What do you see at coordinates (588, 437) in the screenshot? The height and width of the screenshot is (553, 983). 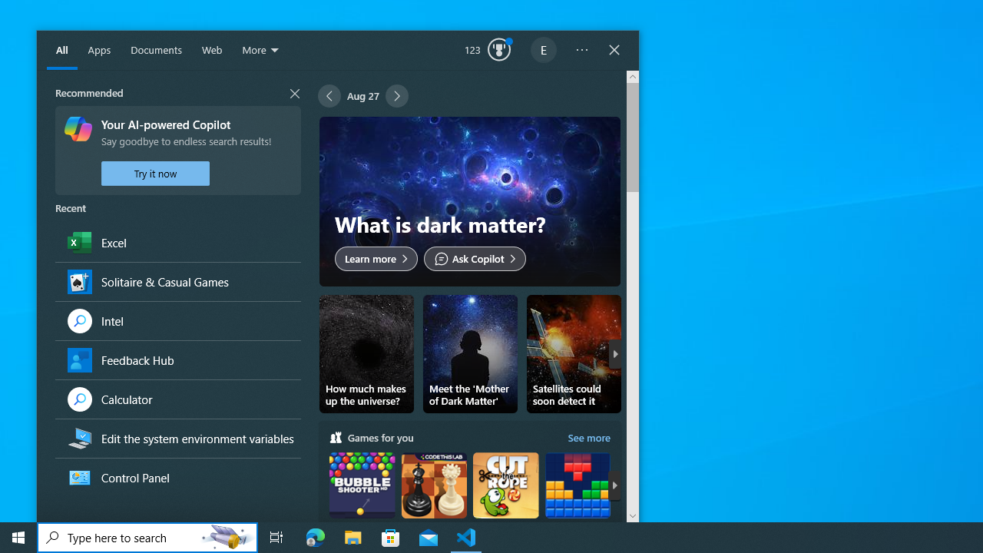 I see `'See more'` at bounding box center [588, 437].